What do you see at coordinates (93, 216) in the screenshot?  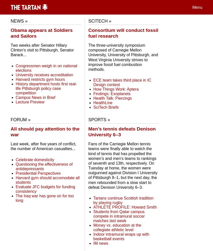 I see `'Students from Qatar campus compete in intramural soccer matches last week'` at bounding box center [93, 216].